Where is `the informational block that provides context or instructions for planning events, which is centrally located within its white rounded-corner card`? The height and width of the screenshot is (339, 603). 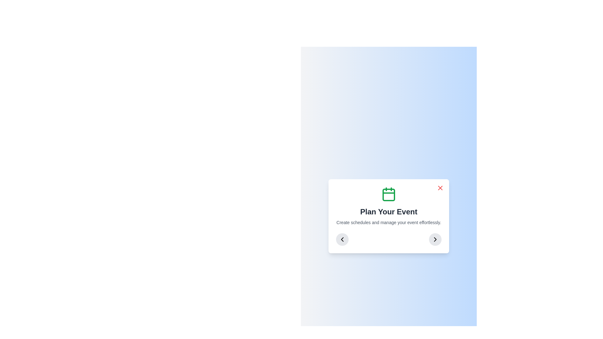
the informational block that provides context or instructions for planning events, which is centrally located within its white rounded-corner card is located at coordinates (388, 206).